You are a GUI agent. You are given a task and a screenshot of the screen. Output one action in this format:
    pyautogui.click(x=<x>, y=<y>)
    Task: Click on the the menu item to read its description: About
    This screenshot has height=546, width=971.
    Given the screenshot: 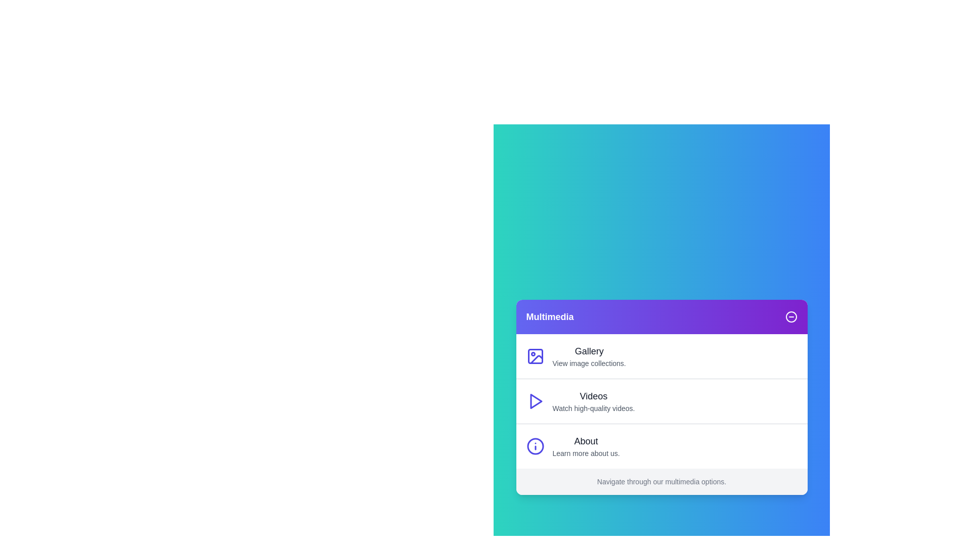 What is the action you would take?
    pyautogui.click(x=586, y=440)
    